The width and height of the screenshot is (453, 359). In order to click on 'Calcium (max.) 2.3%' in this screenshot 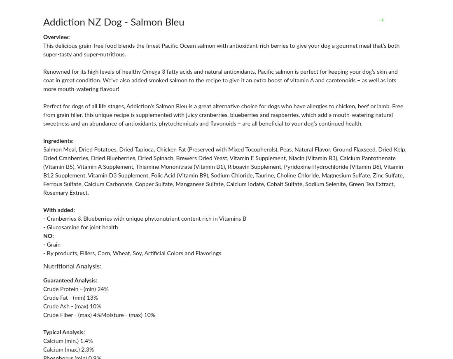, I will do `click(43, 350)`.